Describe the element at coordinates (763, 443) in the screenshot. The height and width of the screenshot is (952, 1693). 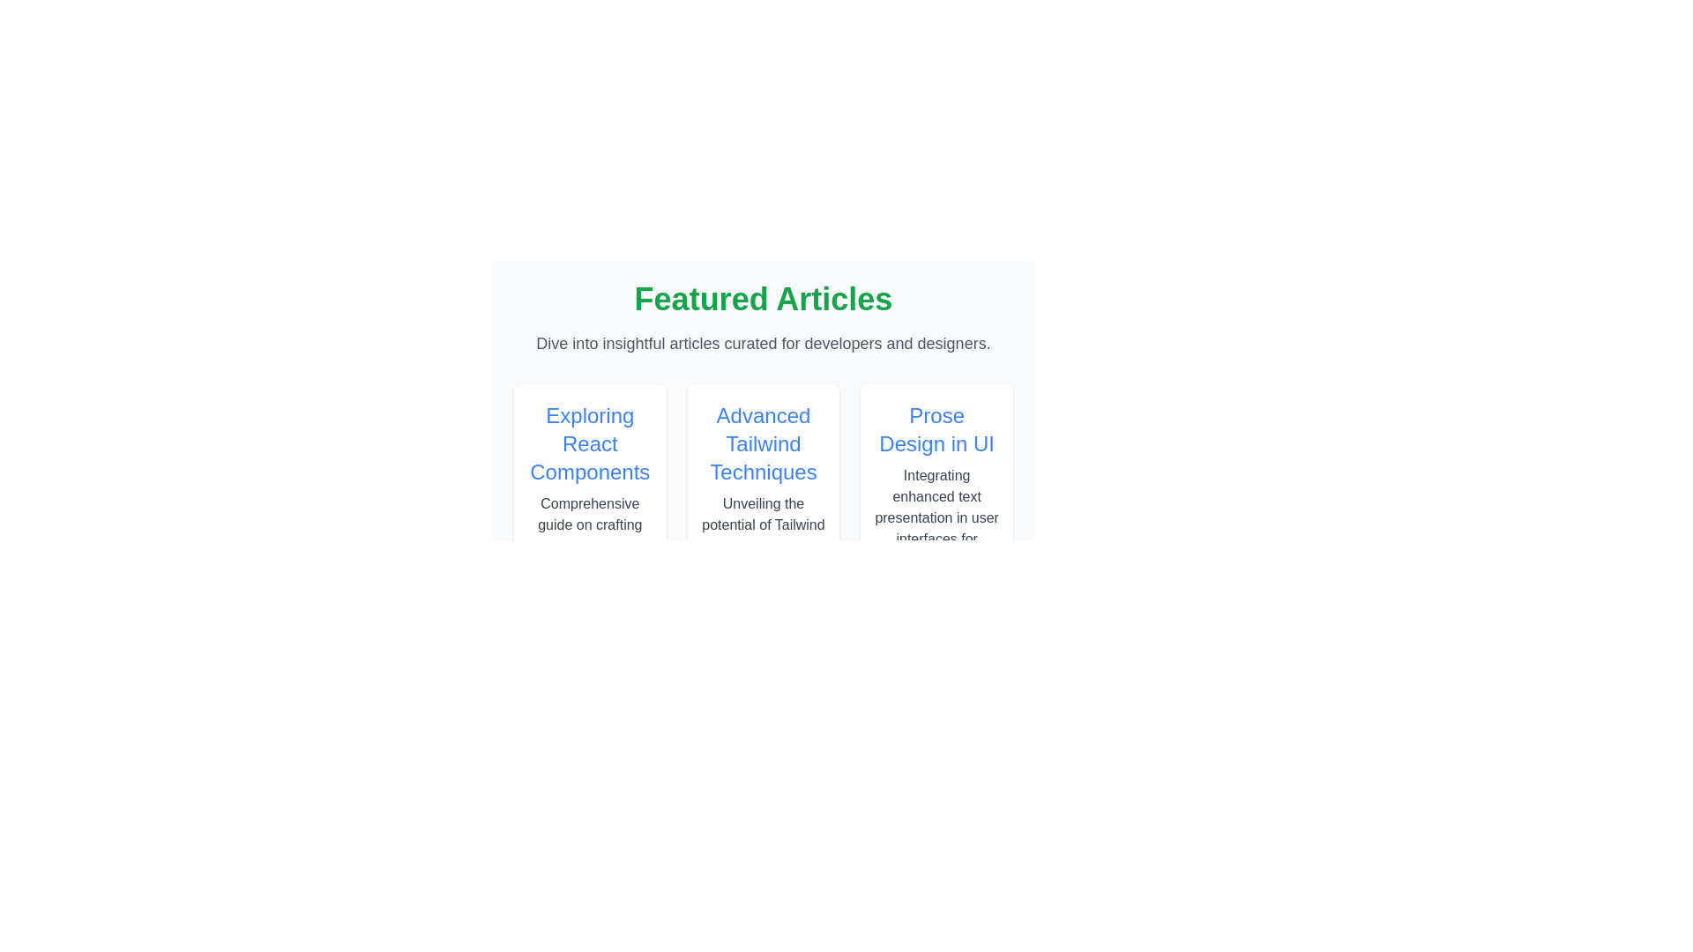
I see `title text displayed in the second column of the three-column layout, positioned centrally between 'Exploring React Components' and 'Prose Design in UI'` at that location.